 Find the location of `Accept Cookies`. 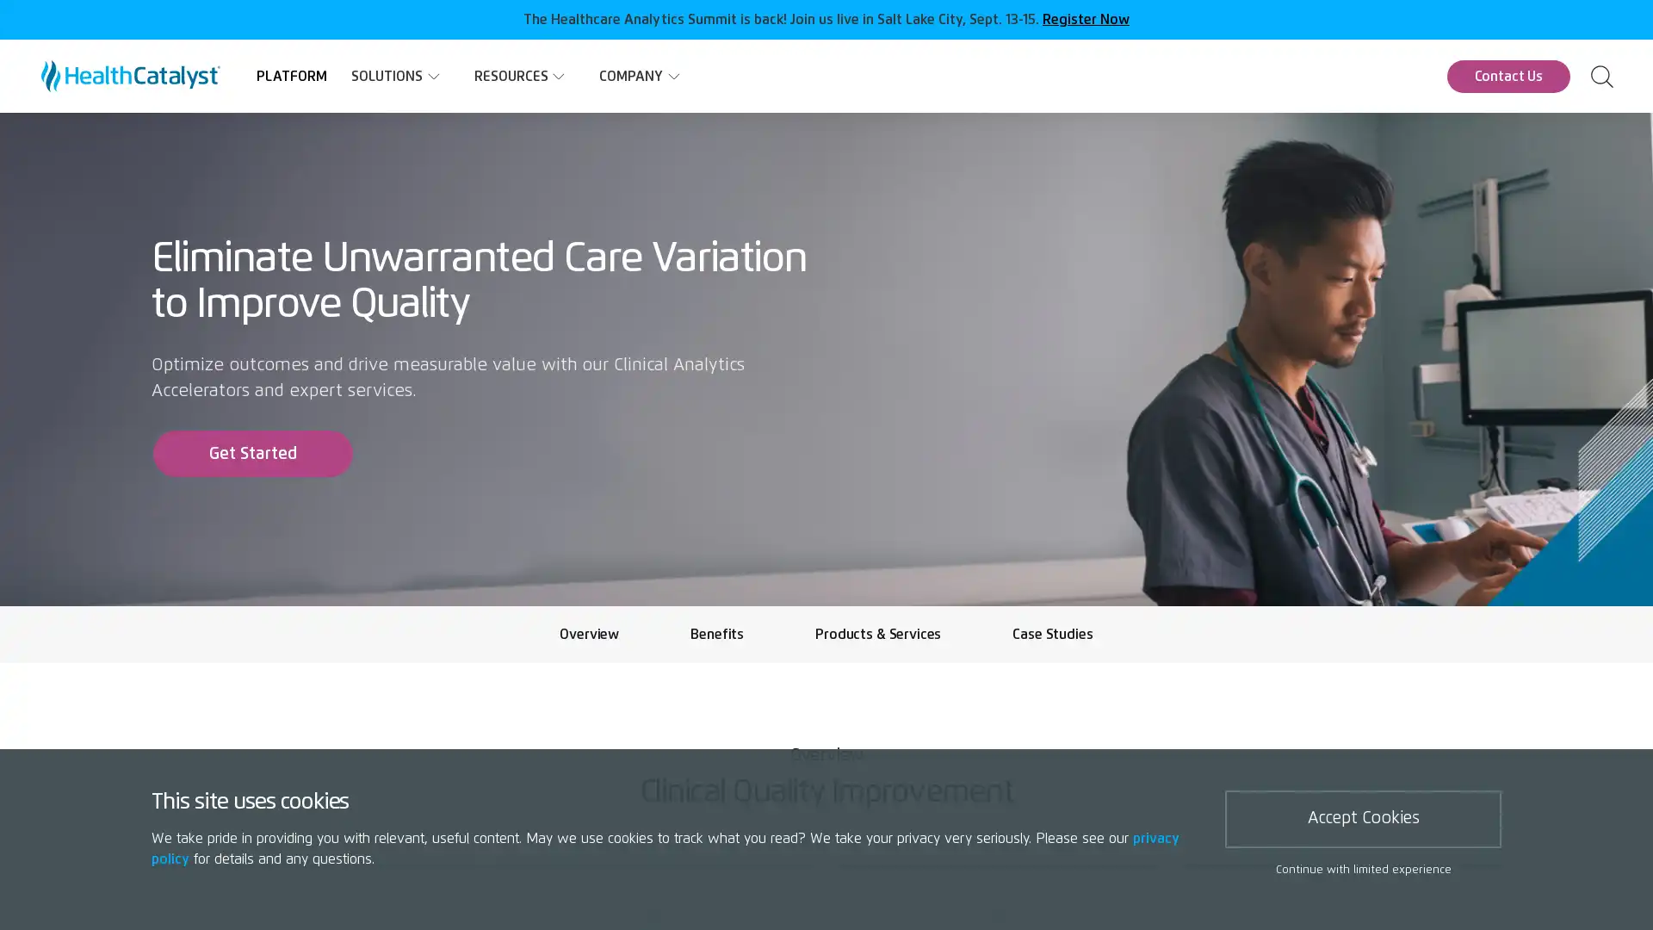

Accept Cookies is located at coordinates (1362, 818).